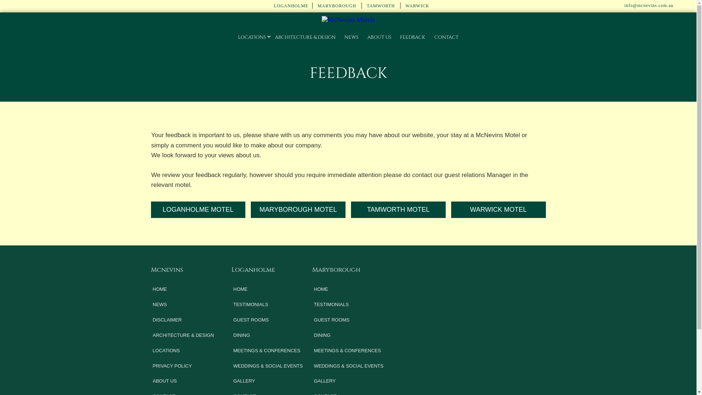 The height and width of the screenshot is (395, 702). Describe the element at coordinates (150, 210) in the screenshot. I see `'LOGANHOLME MOTEL'` at that location.